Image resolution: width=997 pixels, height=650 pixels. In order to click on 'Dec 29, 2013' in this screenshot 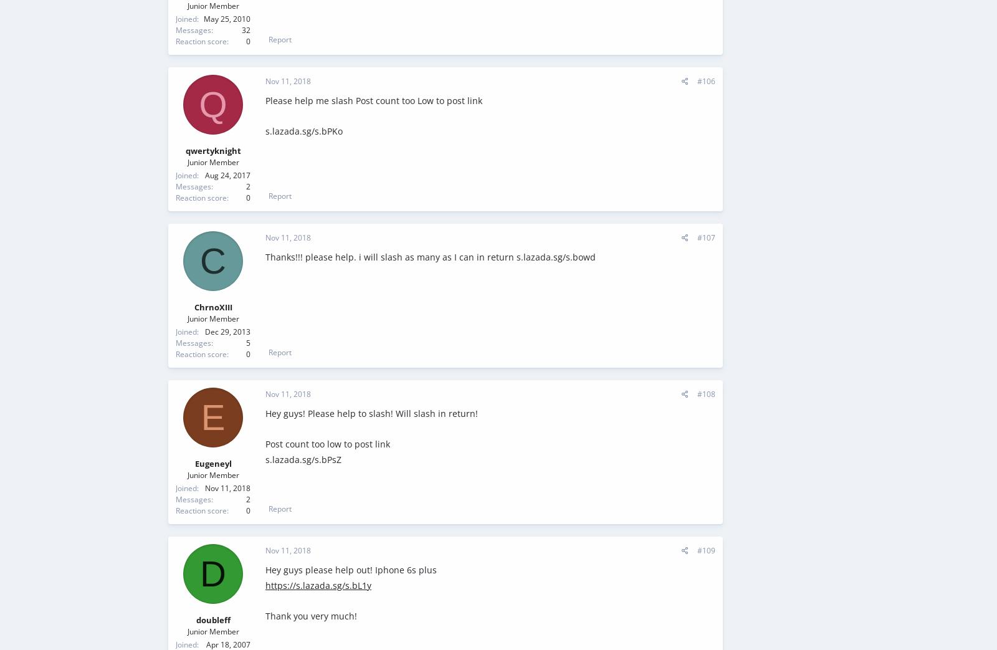, I will do `click(227, 332)`.